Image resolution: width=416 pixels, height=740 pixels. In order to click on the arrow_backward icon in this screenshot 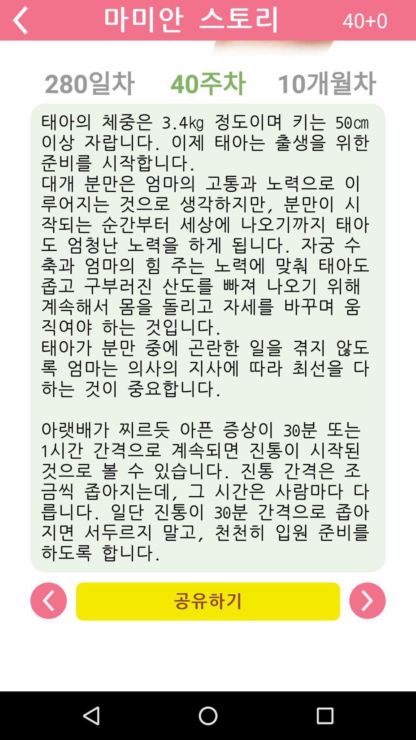, I will do `click(20, 22)`.